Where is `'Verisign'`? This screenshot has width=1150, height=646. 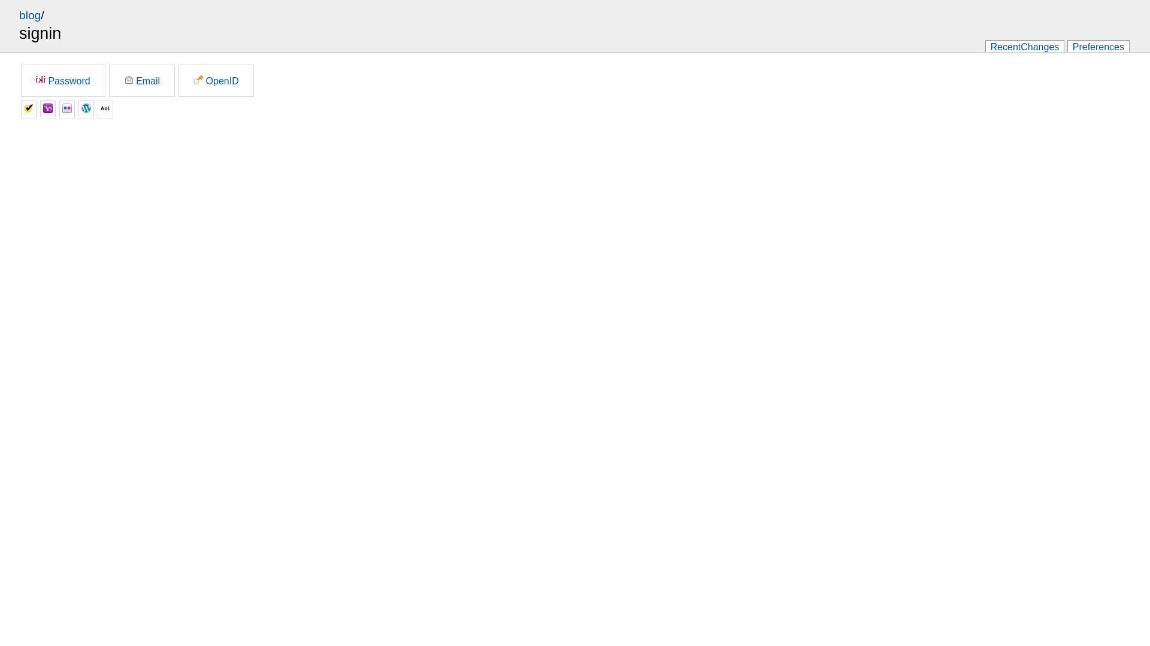 'Verisign' is located at coordinates (20, 109).